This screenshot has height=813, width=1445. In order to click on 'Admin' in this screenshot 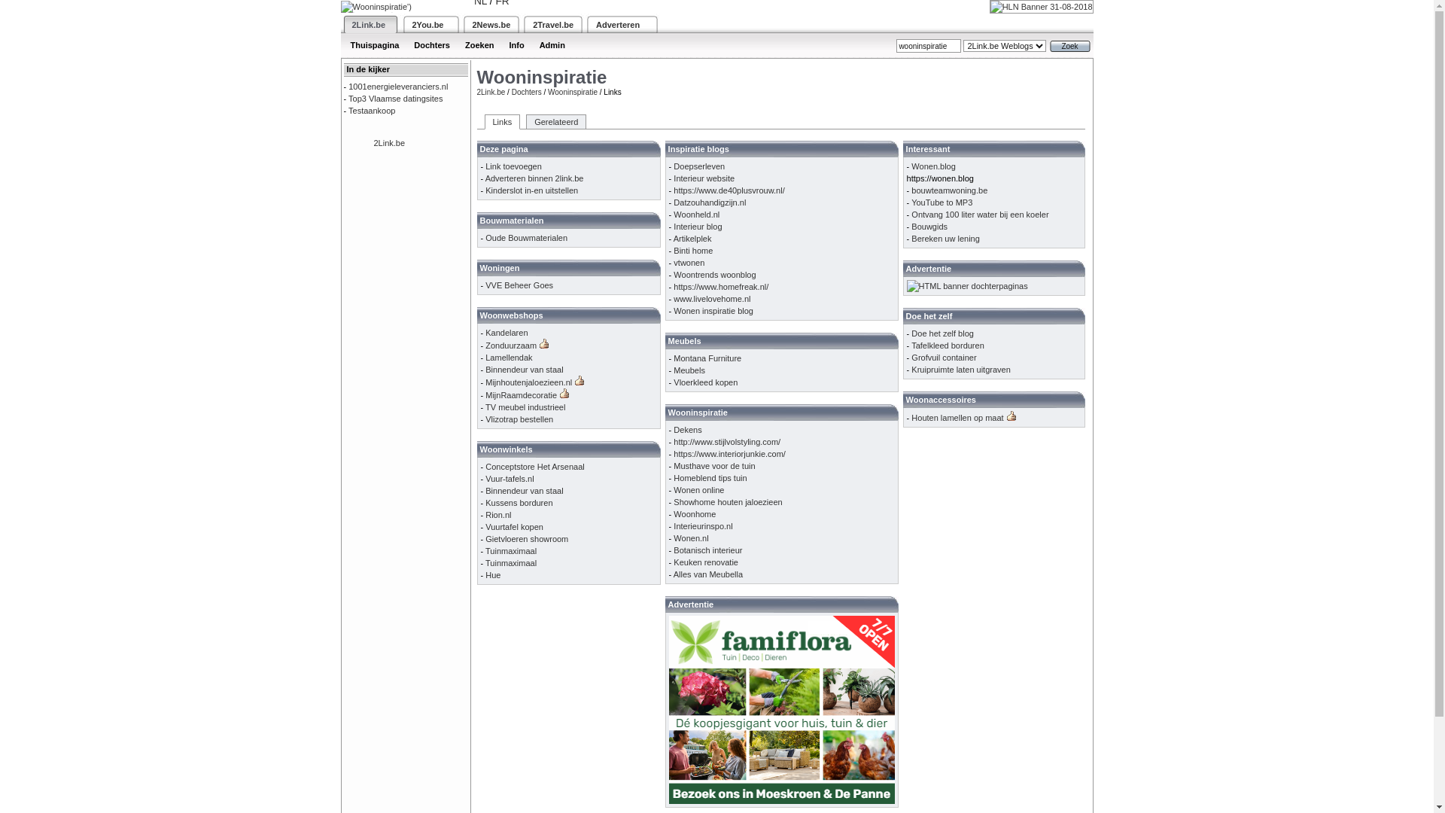, I will do `click(552, 44)`.